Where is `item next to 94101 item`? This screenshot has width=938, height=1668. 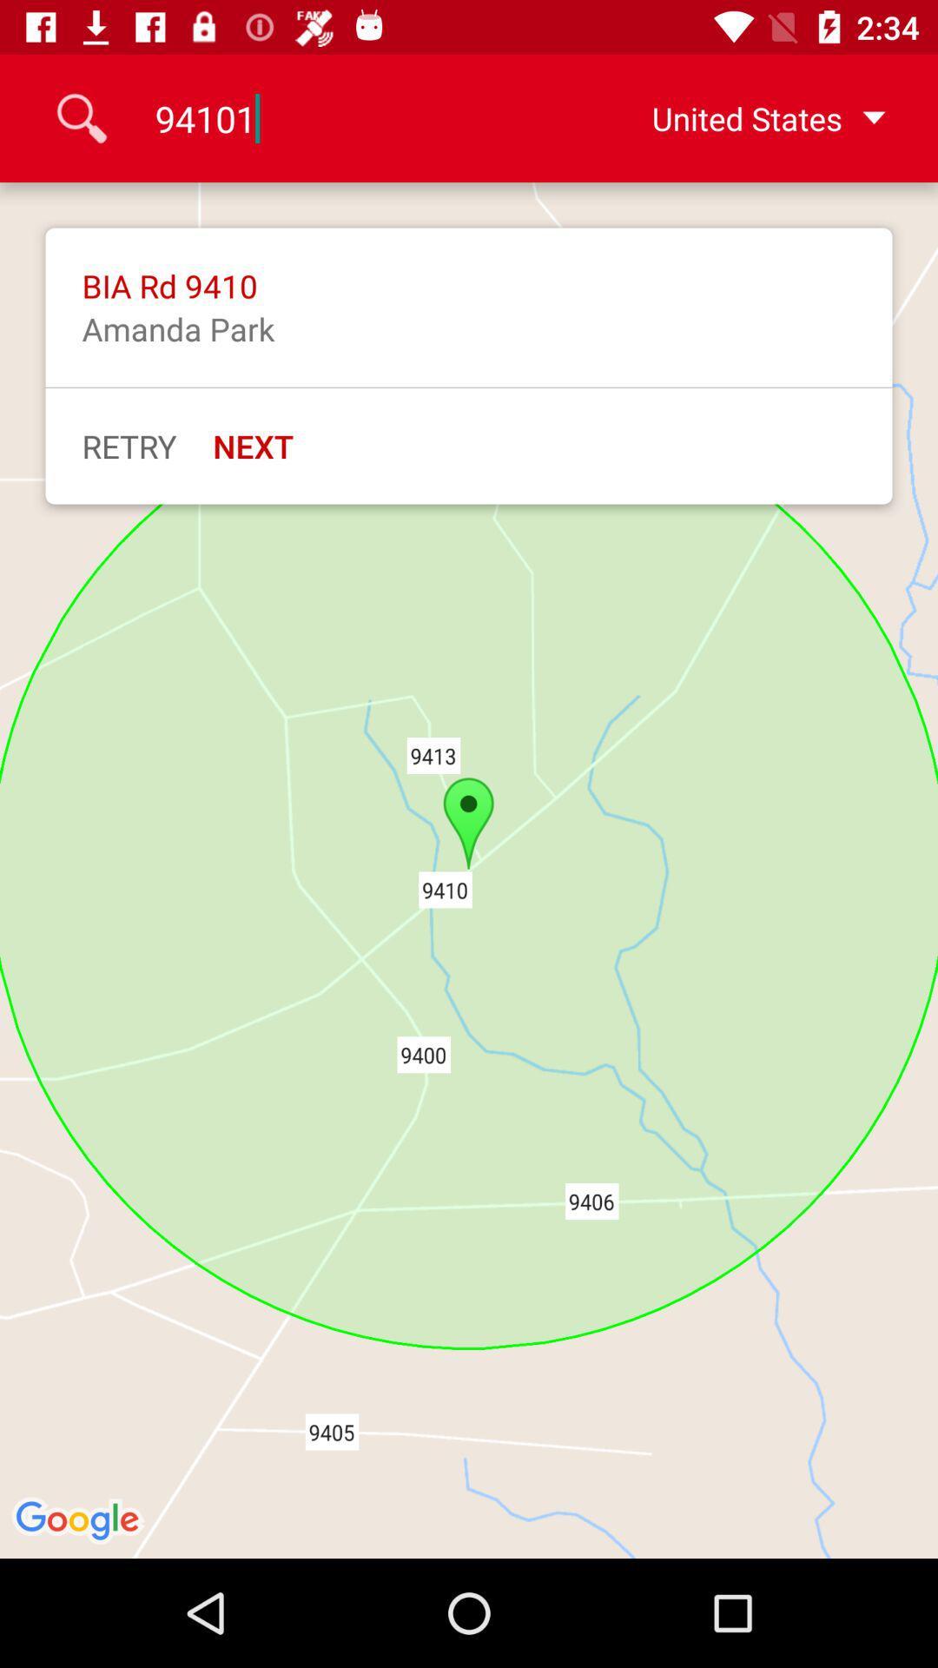
item next to 94101 item is located at coordinates (741, 117).